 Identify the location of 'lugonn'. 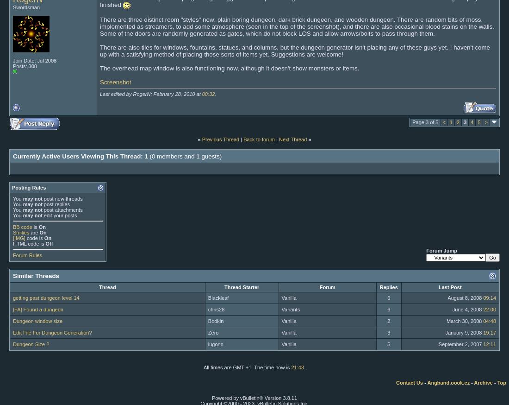
(207, 343).